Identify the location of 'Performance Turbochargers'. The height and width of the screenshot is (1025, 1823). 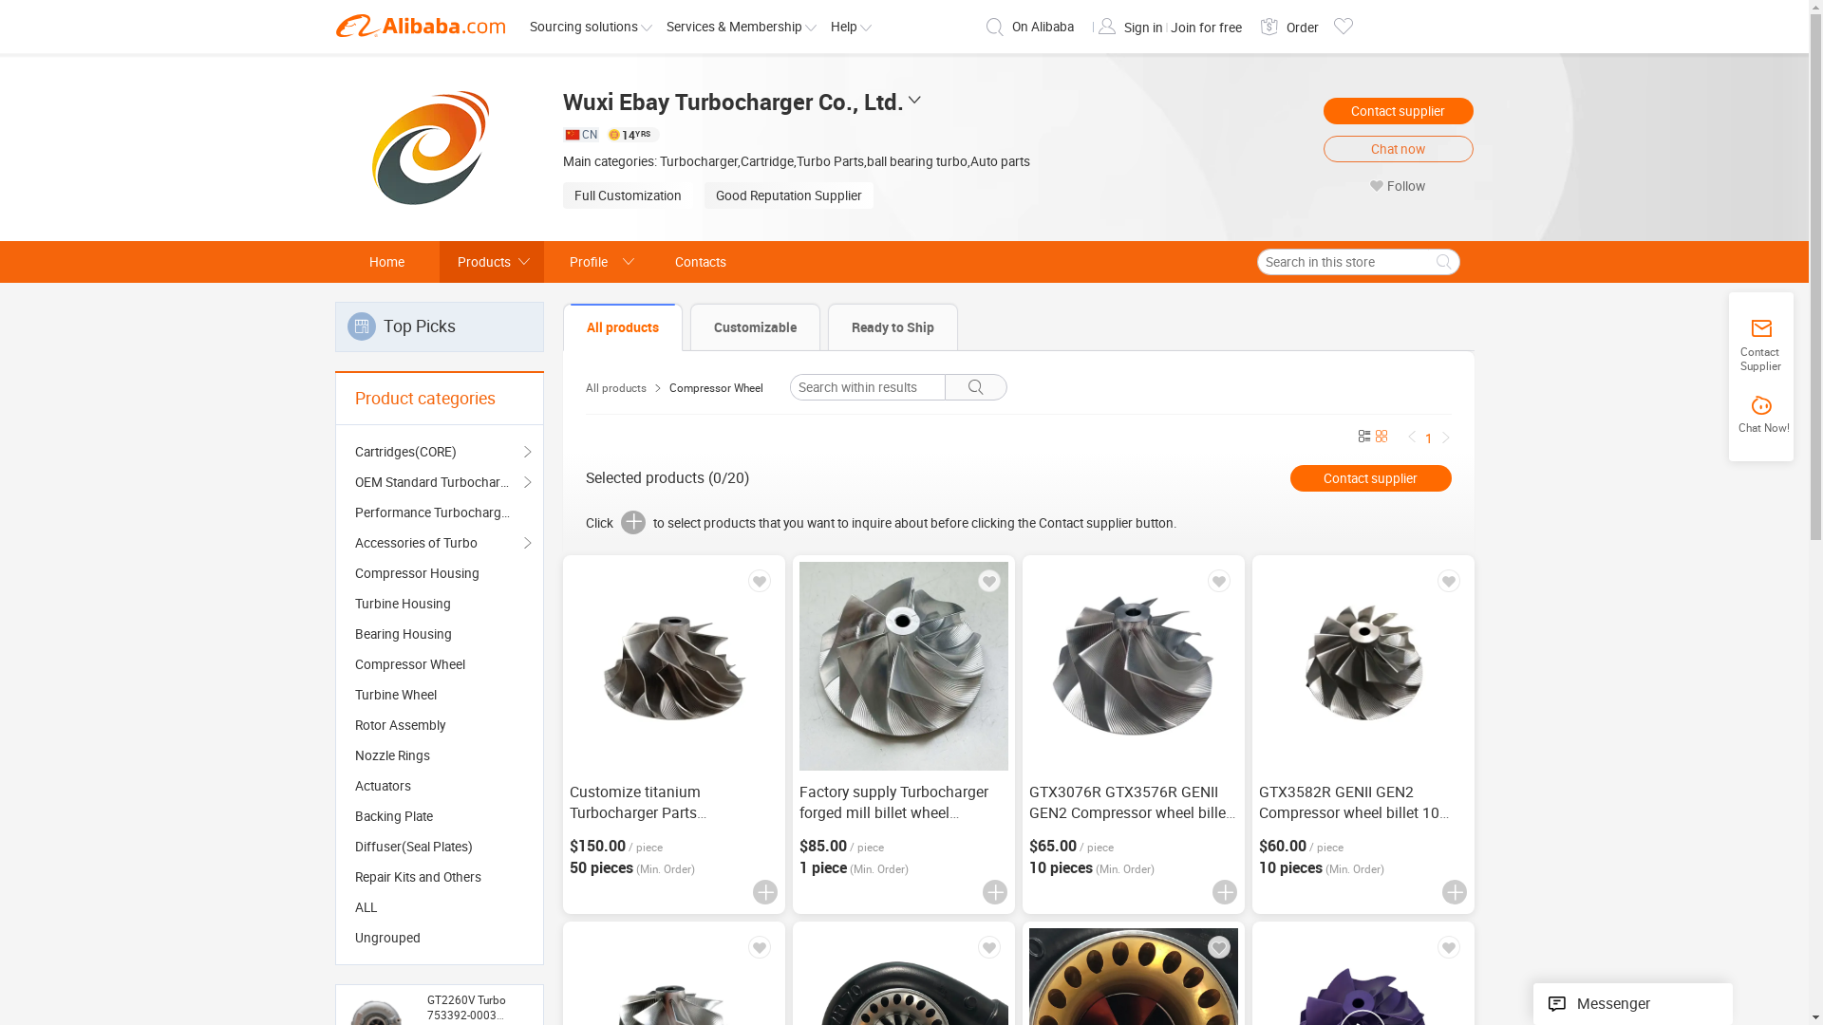
(438, 512).